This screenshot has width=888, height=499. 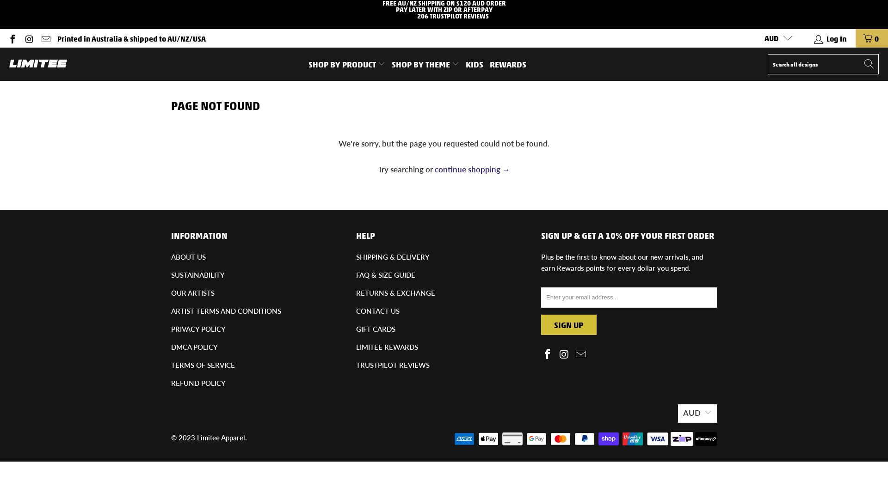 What do you see at coordinates (197, 274) in the screenshot?
I see `'SUSTAINABILITY'` at bounding box center [197, 274].